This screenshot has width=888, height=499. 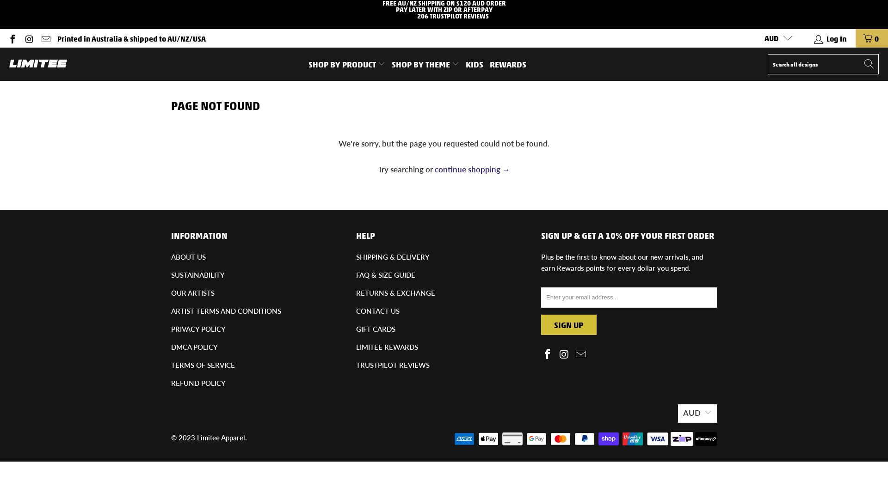 What do you see at coordinates (197, 274) in the screenshot?
I see `'SUSTAINABILITY'` at bounding box center [197, 274].